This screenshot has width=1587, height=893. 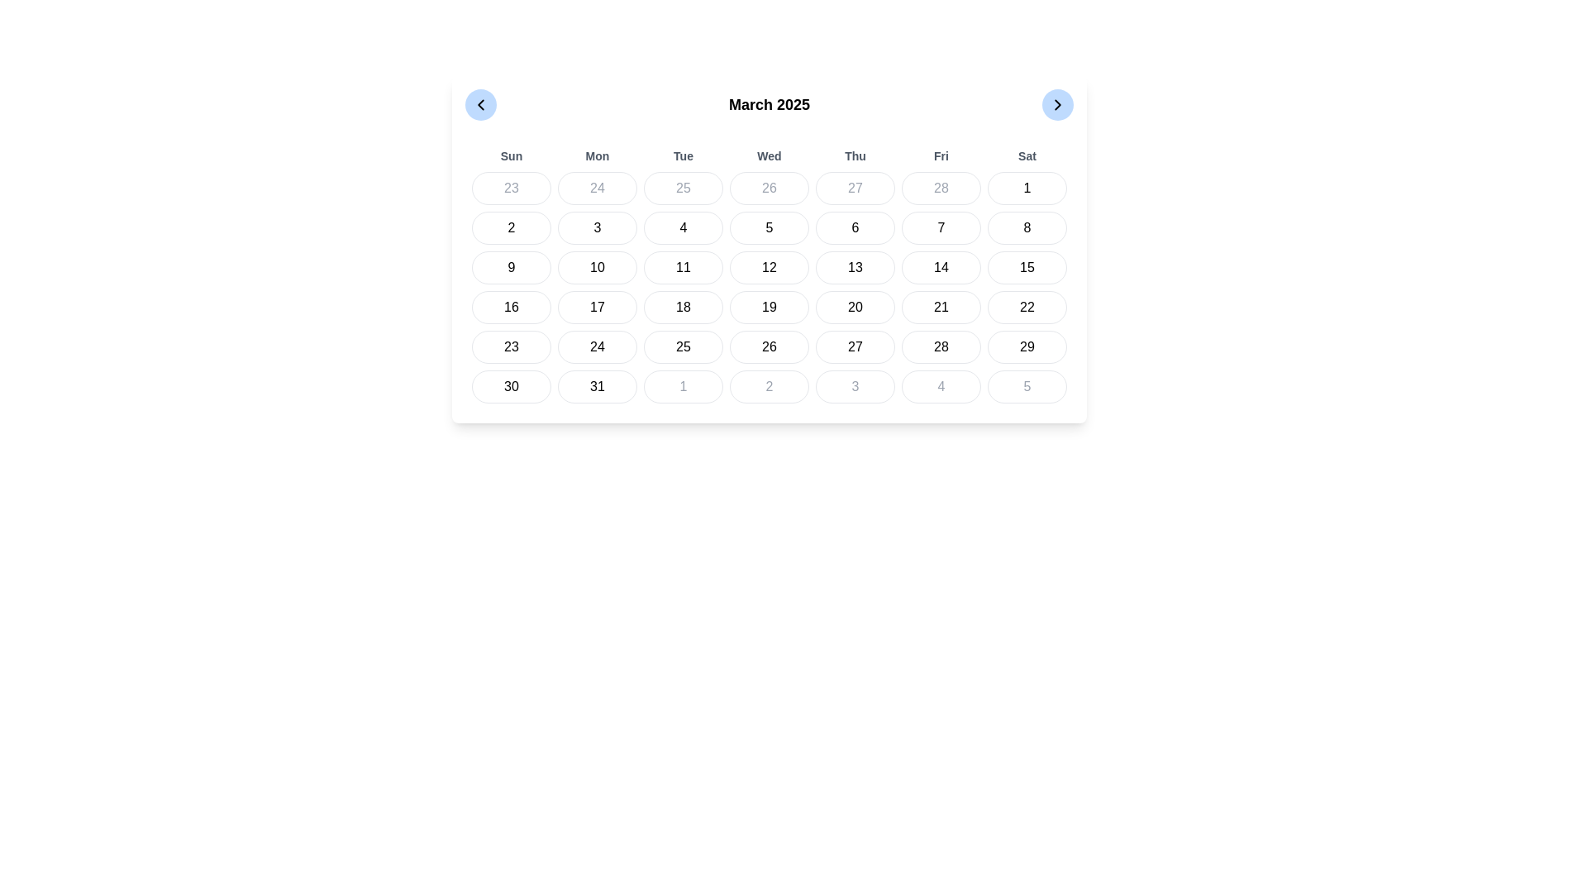 I want to click on the Calendar date button displaying the number '2', so click(x=769, y=386).